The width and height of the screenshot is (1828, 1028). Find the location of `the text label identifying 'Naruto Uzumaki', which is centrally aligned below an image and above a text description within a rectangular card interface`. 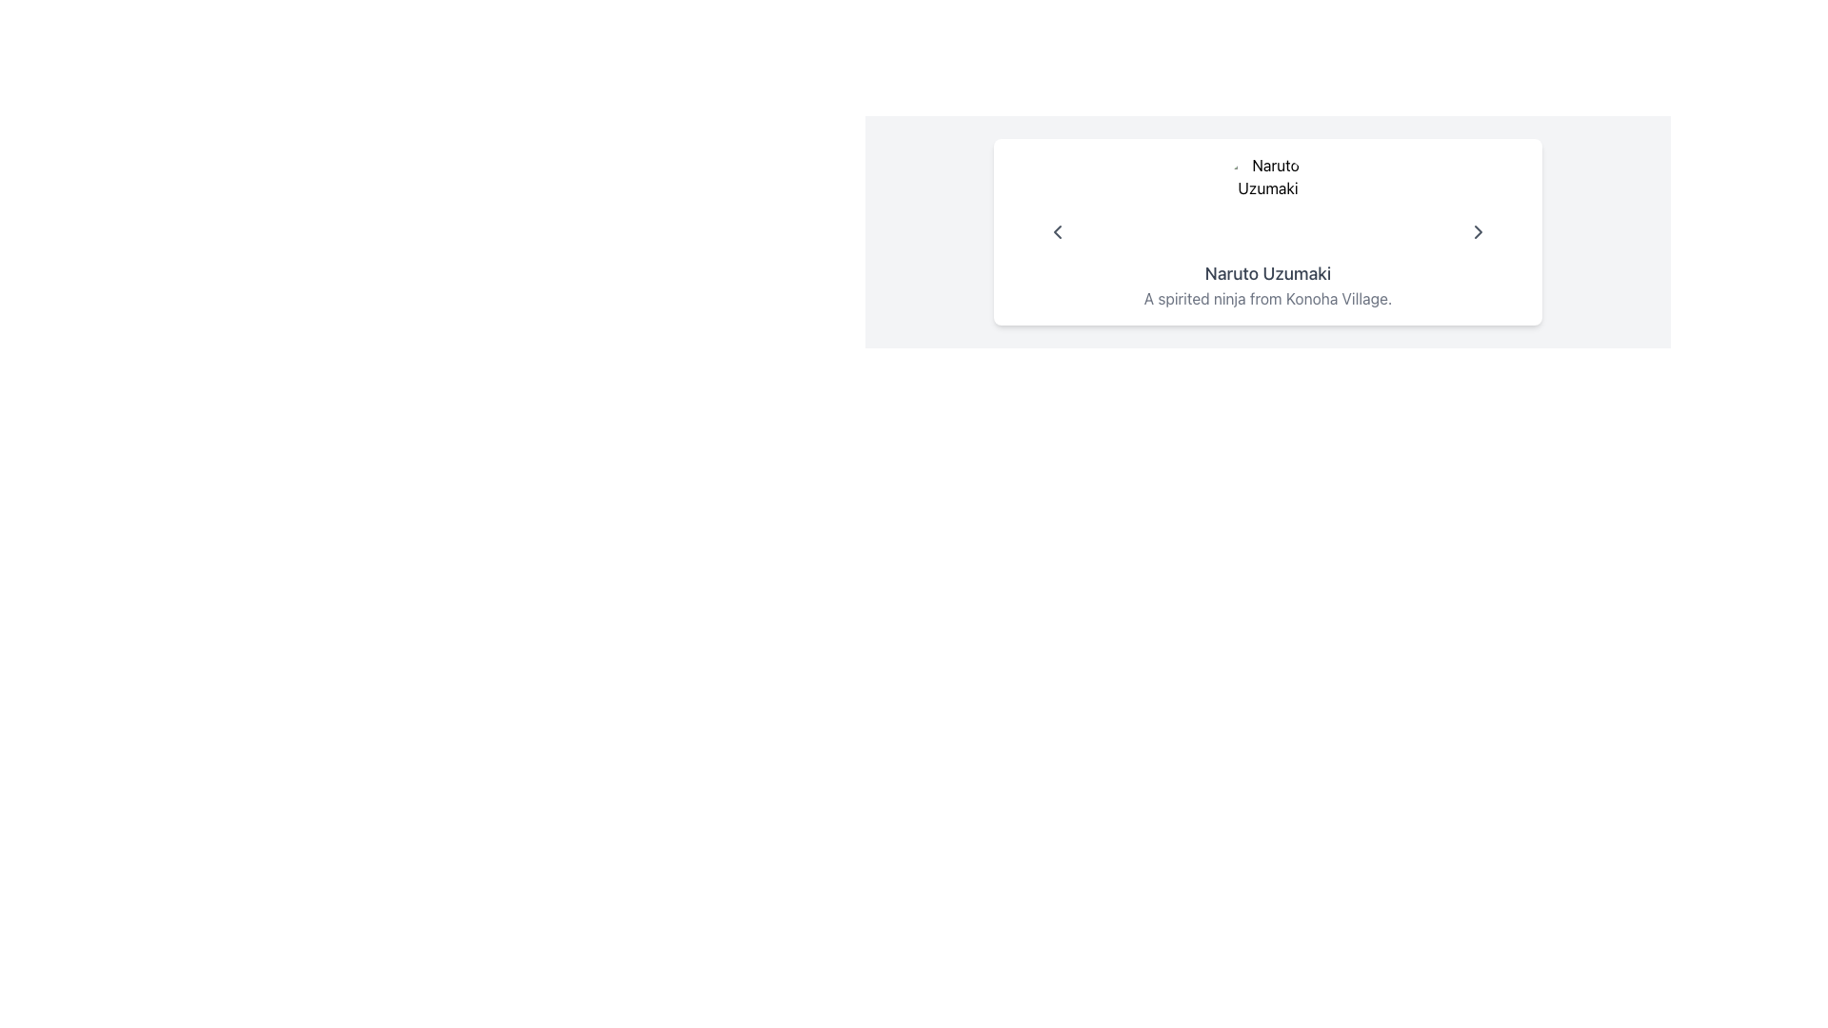

the text label identifying 'Naruto Uzumaki', which is centrally aligned below an image and above a text description within a rectangular card interface is located at coordinates (1267, 274).